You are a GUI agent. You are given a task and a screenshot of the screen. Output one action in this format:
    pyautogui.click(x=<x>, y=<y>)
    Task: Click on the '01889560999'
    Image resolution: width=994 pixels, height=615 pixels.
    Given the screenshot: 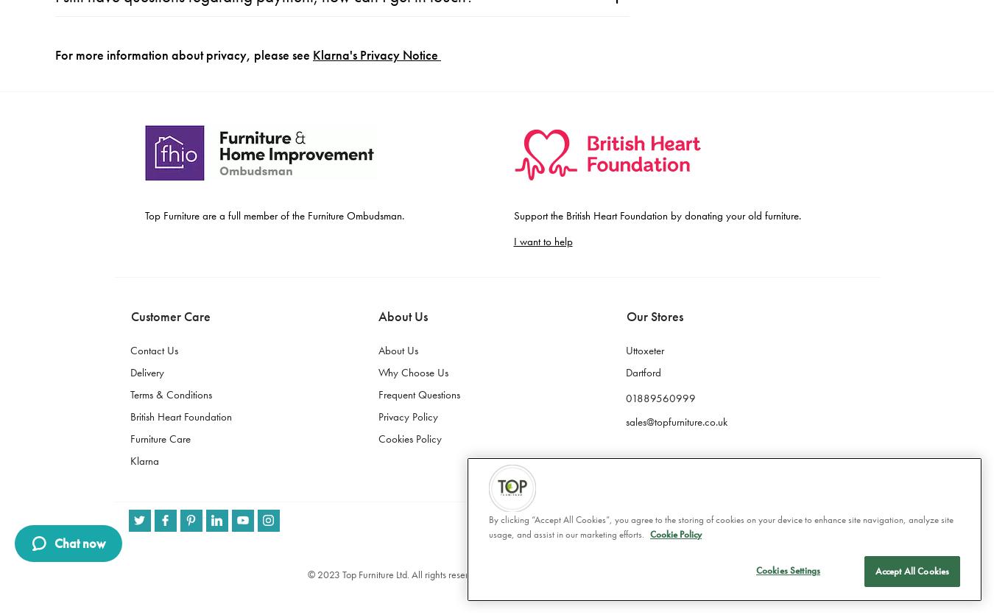 What is the action you would take?
    pyautogui.click(x=660, y=27)
    